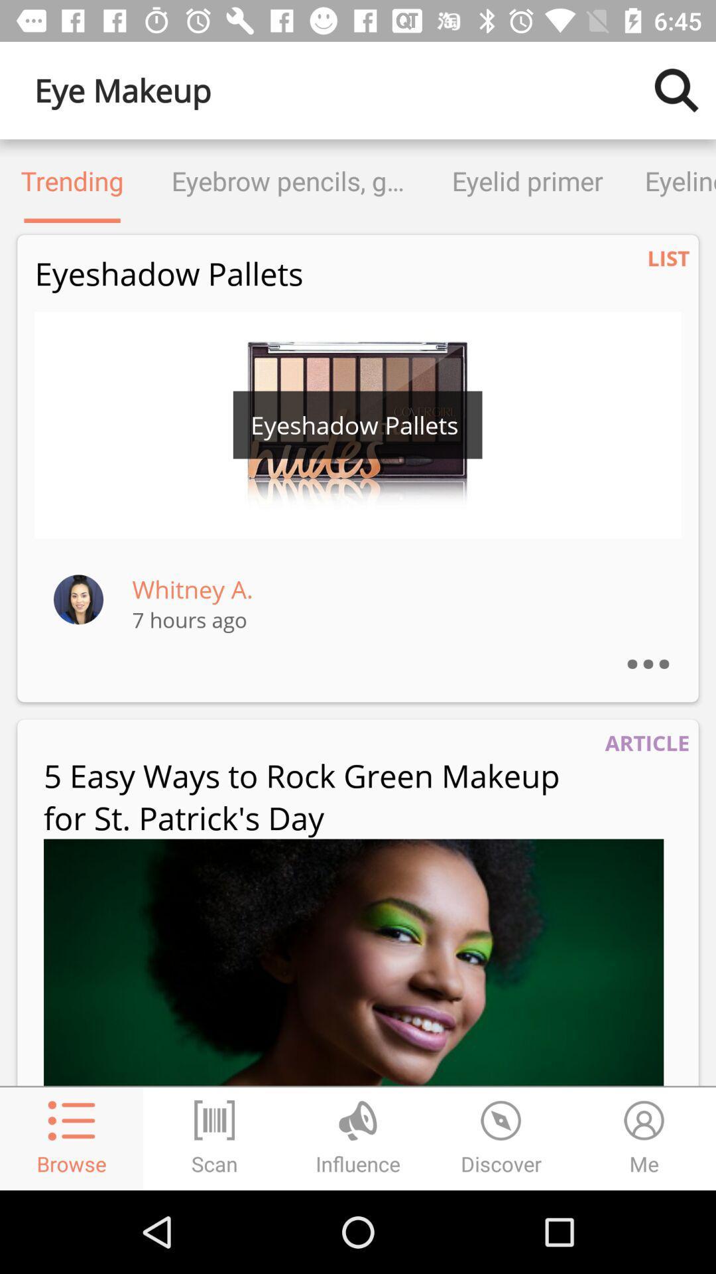  What do you see at coordinates (668, 258) in the screenshot?
I see `item below eyeliner item` at bounding box center [668, 258].